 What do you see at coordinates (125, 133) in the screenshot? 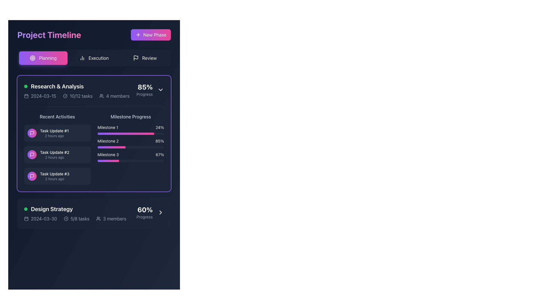
I see `the progress bar indicating the completion status for 'Milestone 1' located under the 'Milestone 1' label in the 'Research & Analysis' panel` at bounding box center [125, 133].